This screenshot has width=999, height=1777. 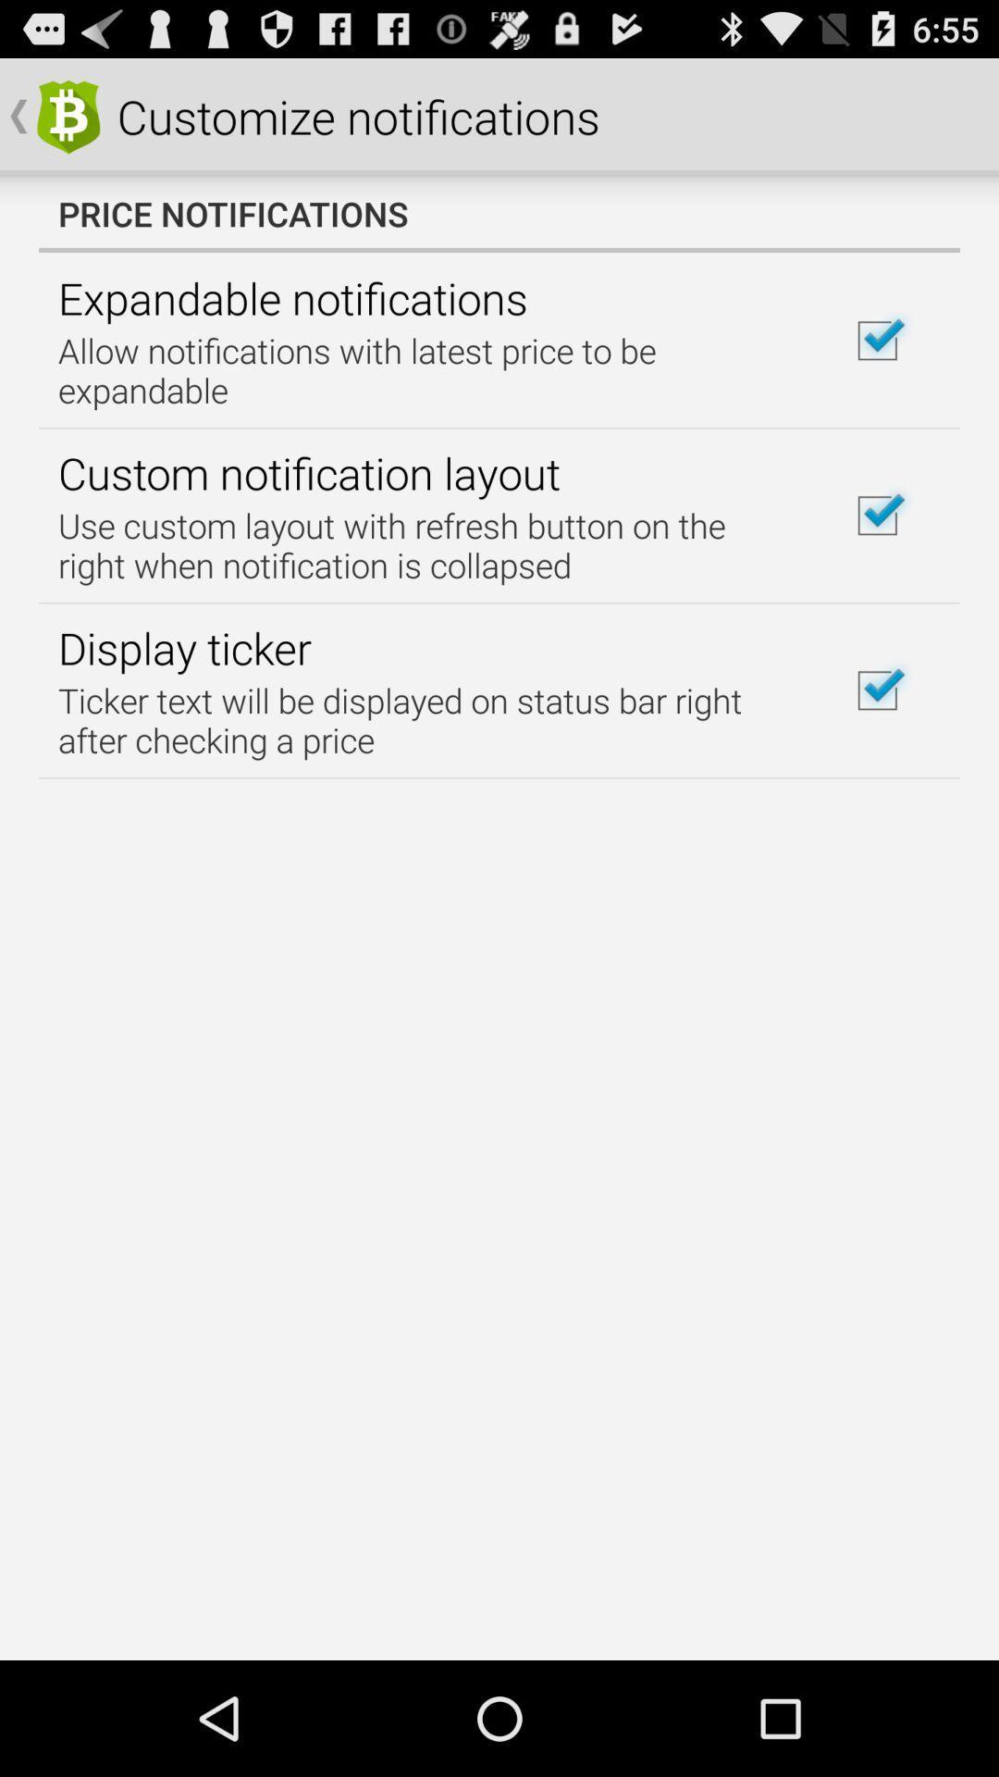 I want to click on icon above the custom notification layout icon, so click(x=428, y=370).